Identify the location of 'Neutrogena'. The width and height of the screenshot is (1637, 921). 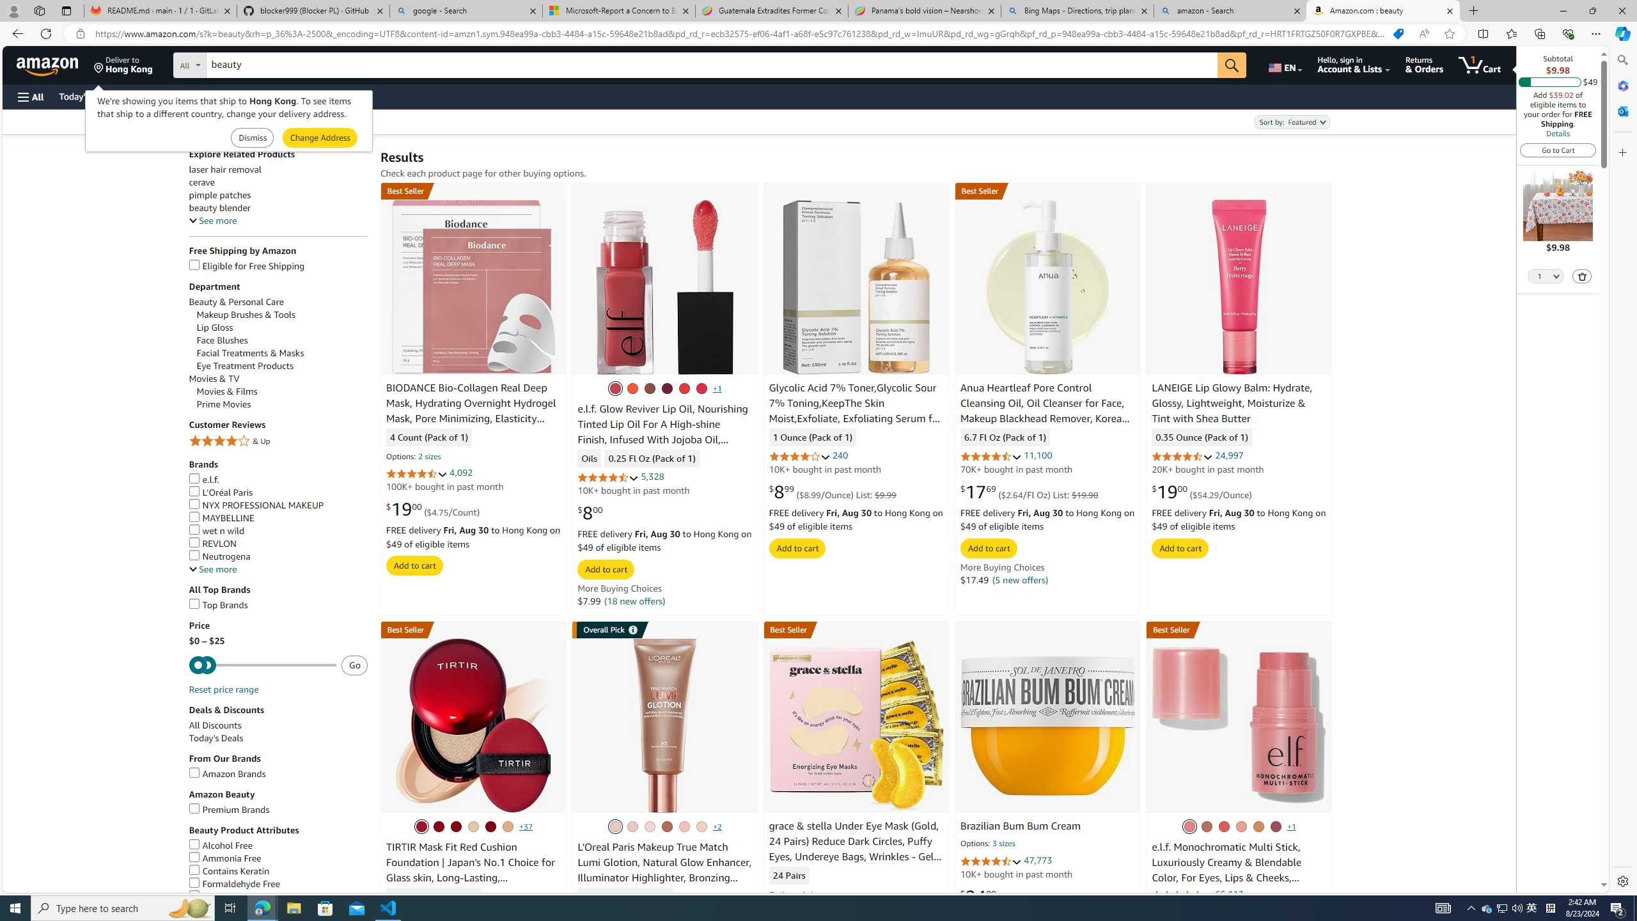
(278, 556).